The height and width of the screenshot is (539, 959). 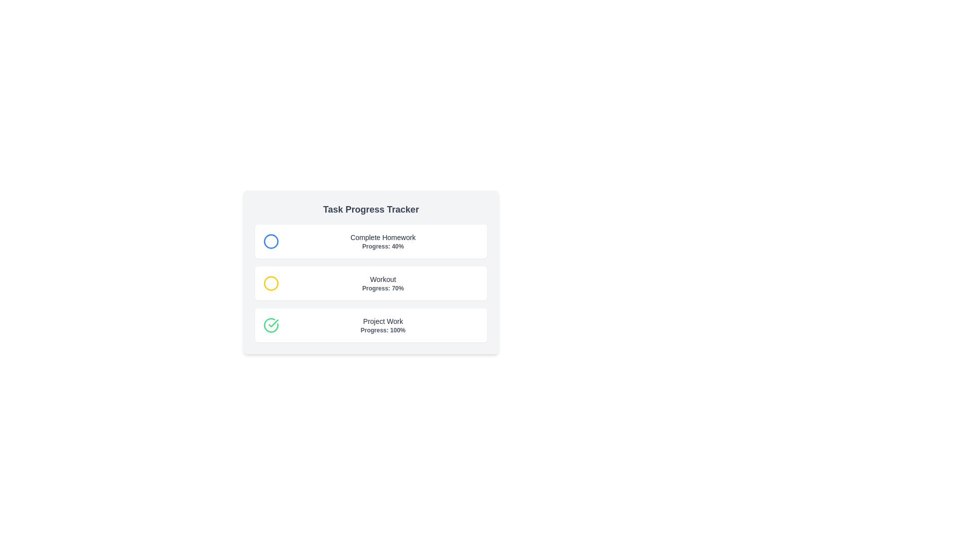 I want to click on the green checkmark styled vector graphic within the circular icon, which is associated with the 'Project Work' task in the task progress list, so click(x=273, y=323).